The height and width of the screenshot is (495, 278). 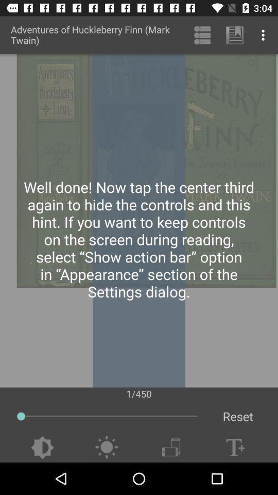 What do you see at coordinates (171, 447) in the screenshot?
I see `change view to landscape` at bounding box center [171, 447].